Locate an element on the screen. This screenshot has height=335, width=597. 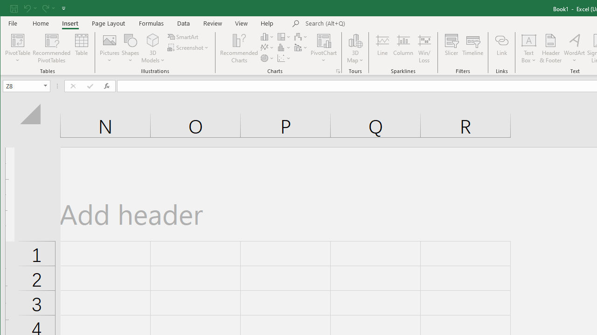
'Slicer...' is located at coordinates (451, 48).